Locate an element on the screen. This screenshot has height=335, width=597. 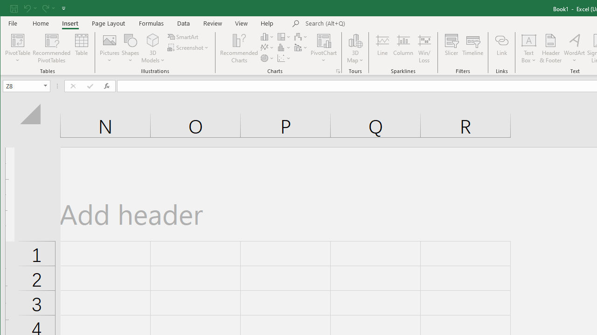
'Slicer...' is located at coordinates (451, 48).